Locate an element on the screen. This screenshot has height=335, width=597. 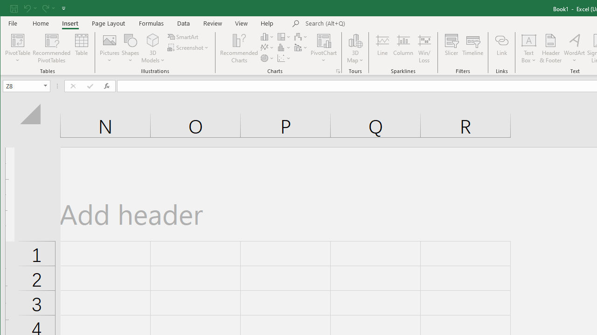
'Slicer...' is located at coordinates (451, 48).